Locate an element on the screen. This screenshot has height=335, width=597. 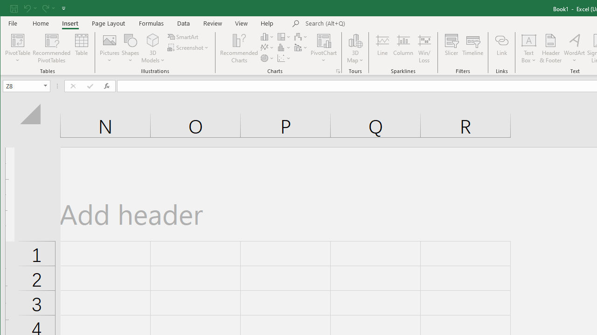
'Slicer...' is located at coordinates (451, 48).